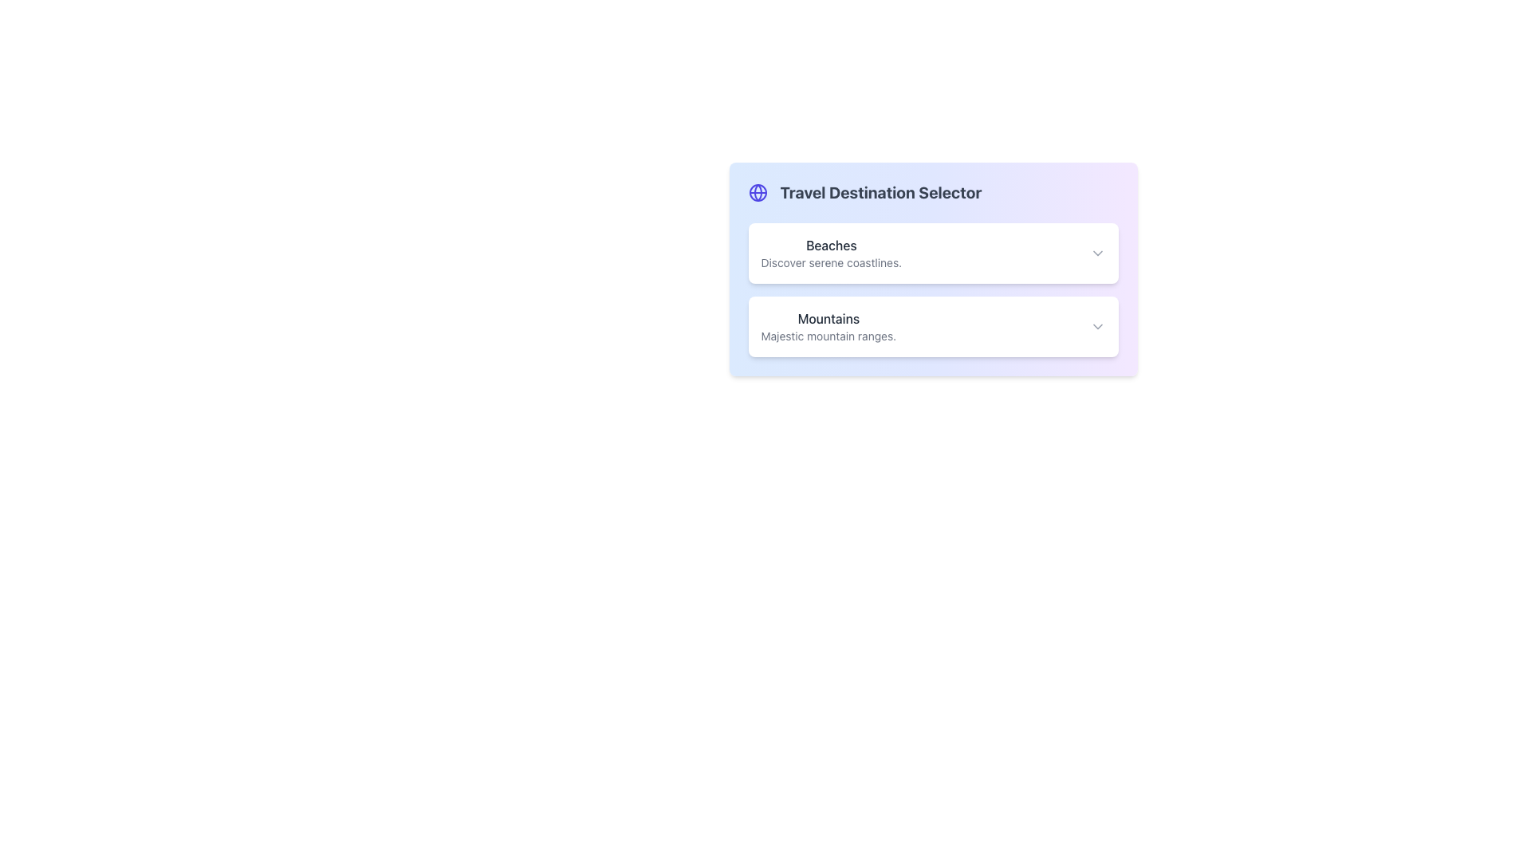  I want to click on the descriptive text located directly beneath the 'Beaches' heading in the travel destination selector, so click(830, 262).